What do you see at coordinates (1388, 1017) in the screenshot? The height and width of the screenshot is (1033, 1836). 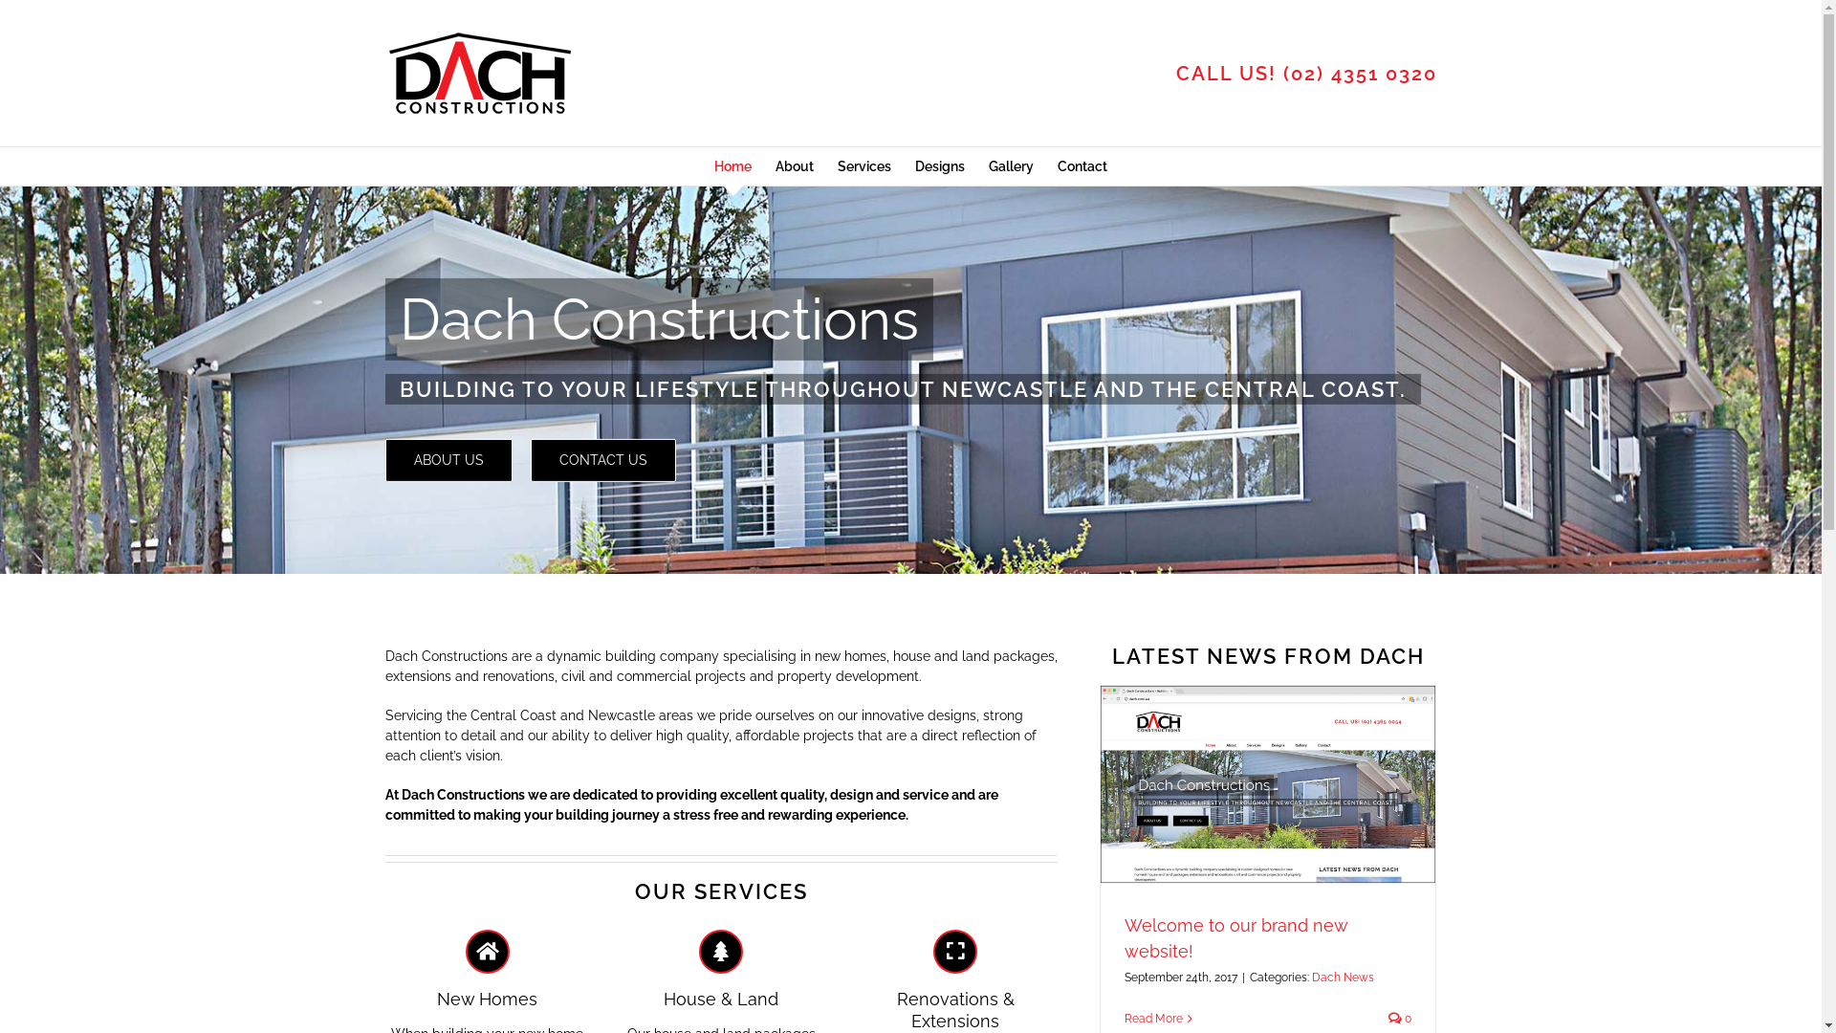 I see `' 0'` at bounding box center [1388, 1017].